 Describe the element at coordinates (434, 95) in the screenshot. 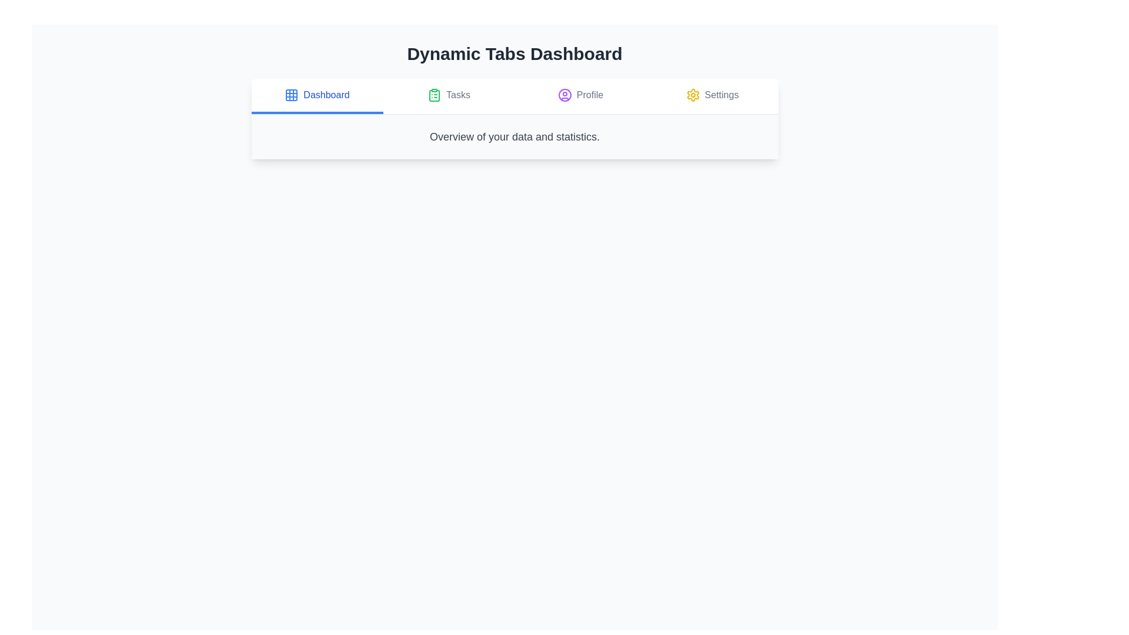

I see `the green clipboard icon located in the 'Tasks' tab, which is the second icon in a row of four tabs at the top-center of the interface` at that location.